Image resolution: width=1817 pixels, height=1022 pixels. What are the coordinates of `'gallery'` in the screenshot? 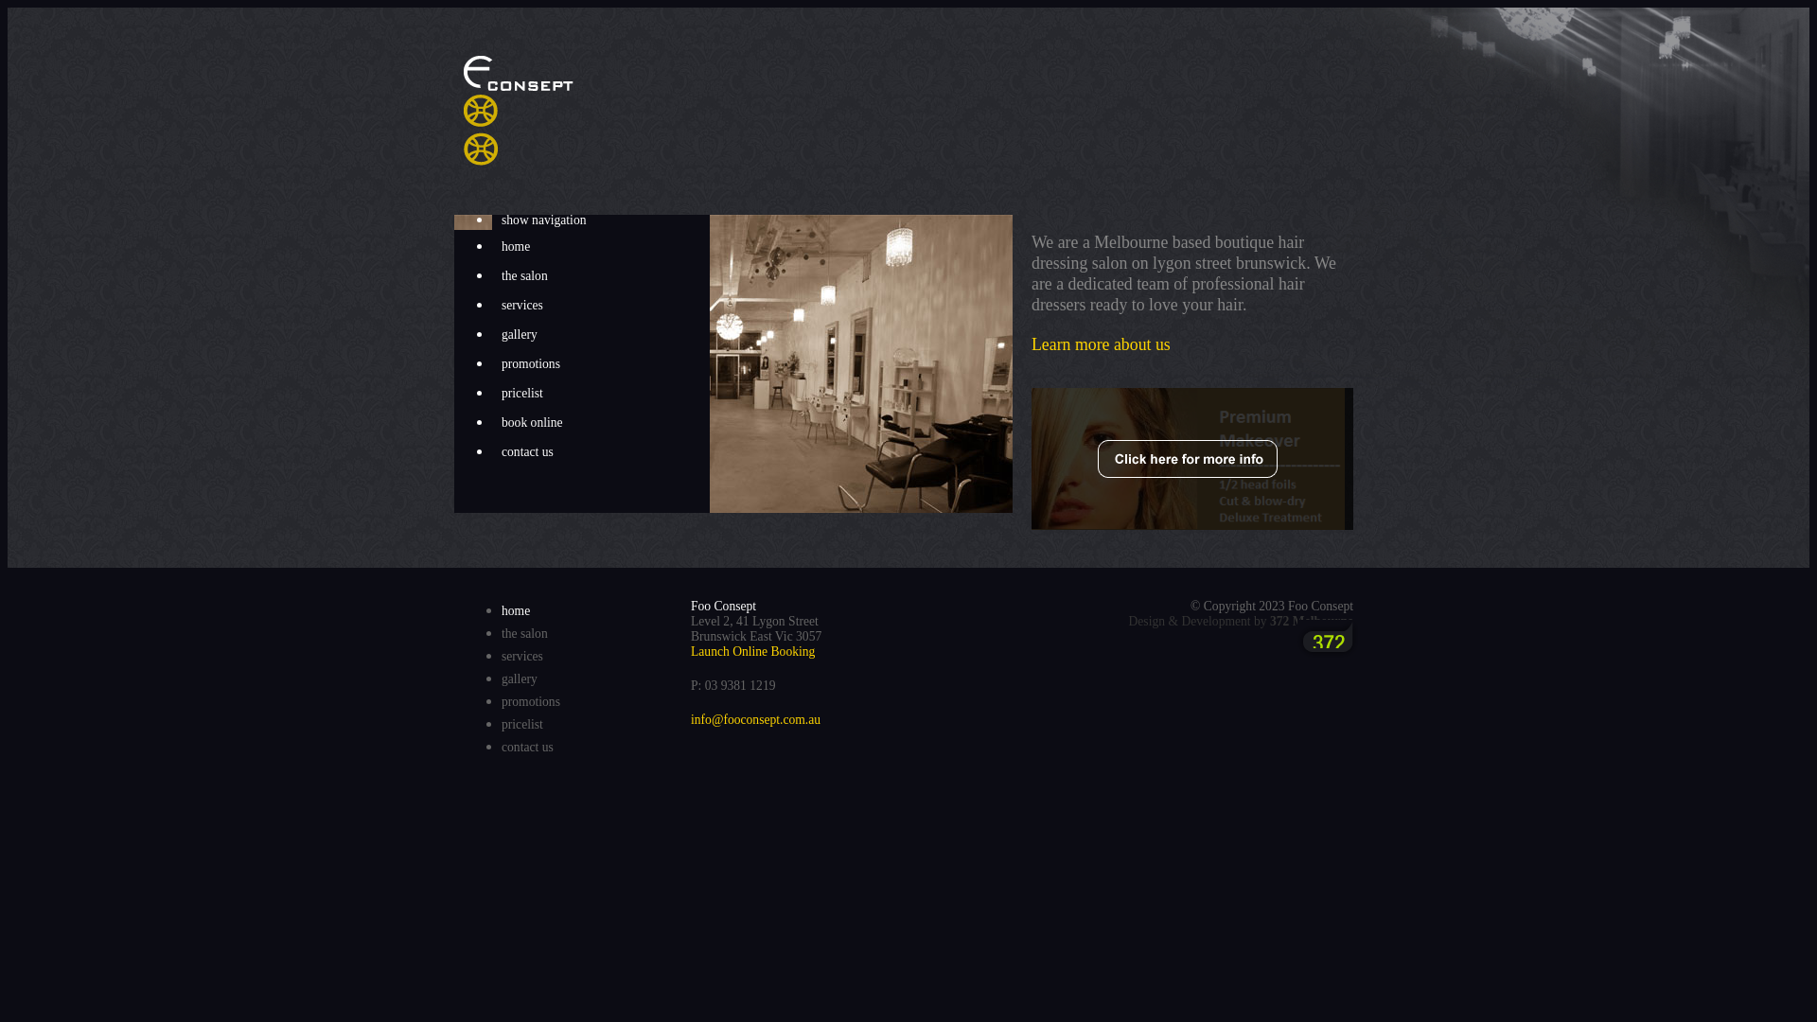 It's located at (519, 678).